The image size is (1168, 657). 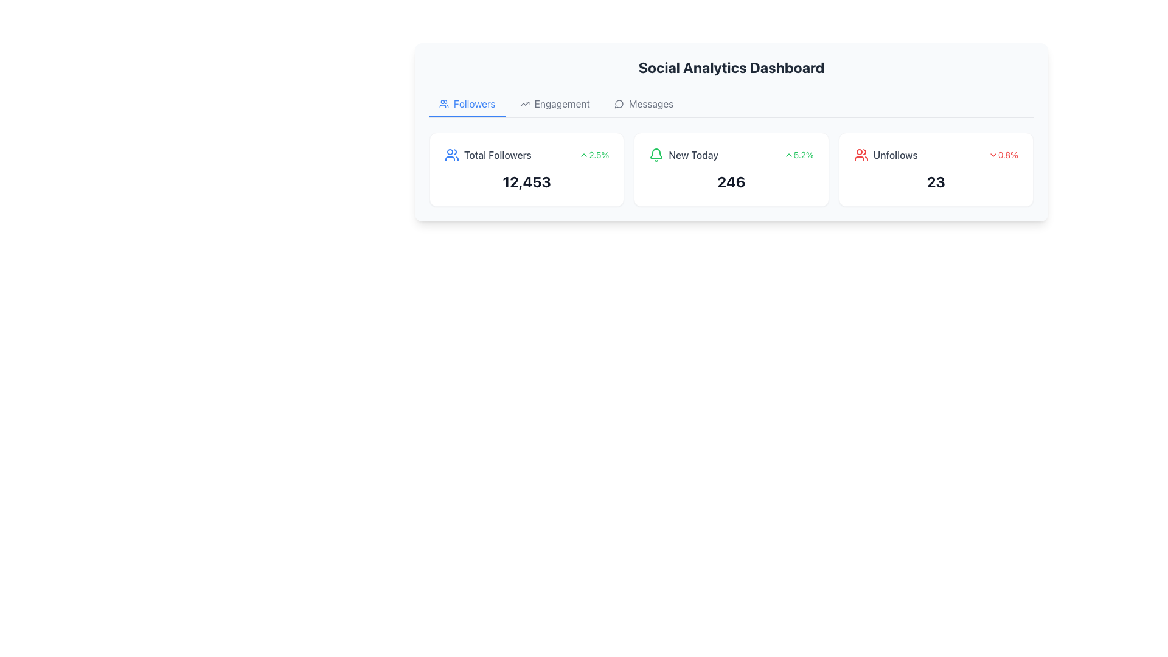 What do you see at coordinates (684, 154) in the screenshot?
I see `the 'New Today' label with the green bell icon located in the middle panel of the social analytics card interface` at bounding box center [684, 154].